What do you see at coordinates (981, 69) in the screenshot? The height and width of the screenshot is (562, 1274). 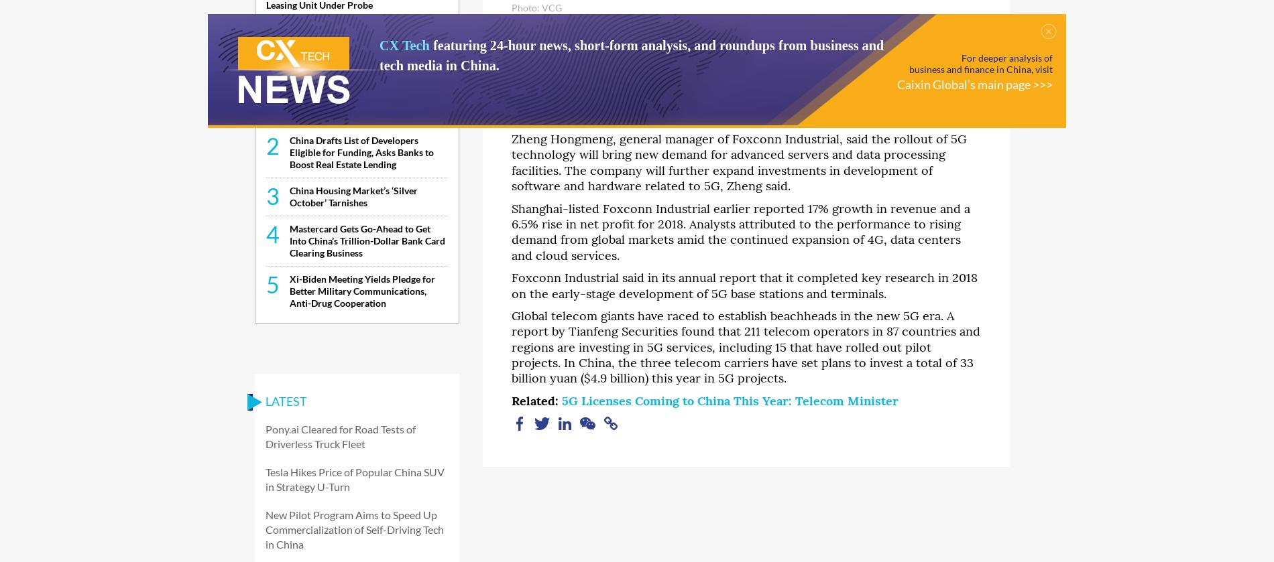 I see `'business and finance in China, visit'` at bounding box center [981, 69].